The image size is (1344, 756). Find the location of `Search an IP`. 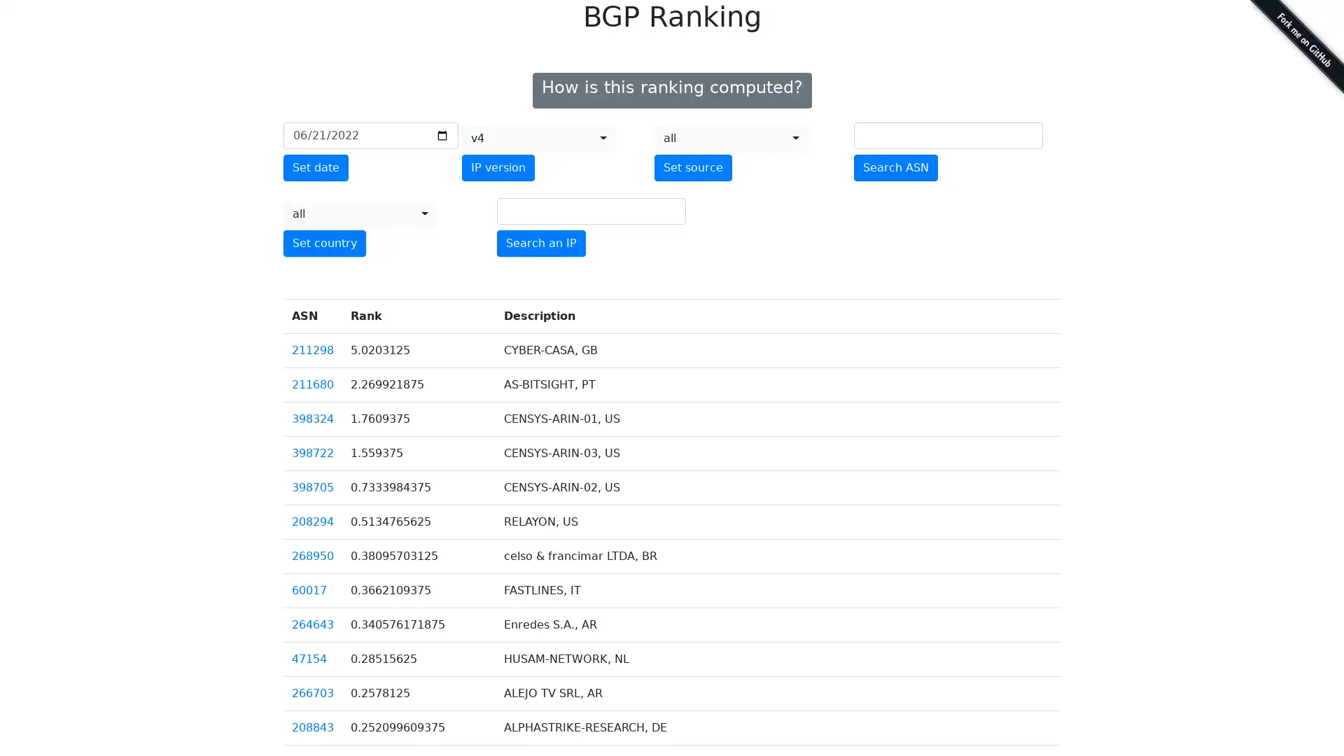

Search an IP is located at coordinates (540, 242).